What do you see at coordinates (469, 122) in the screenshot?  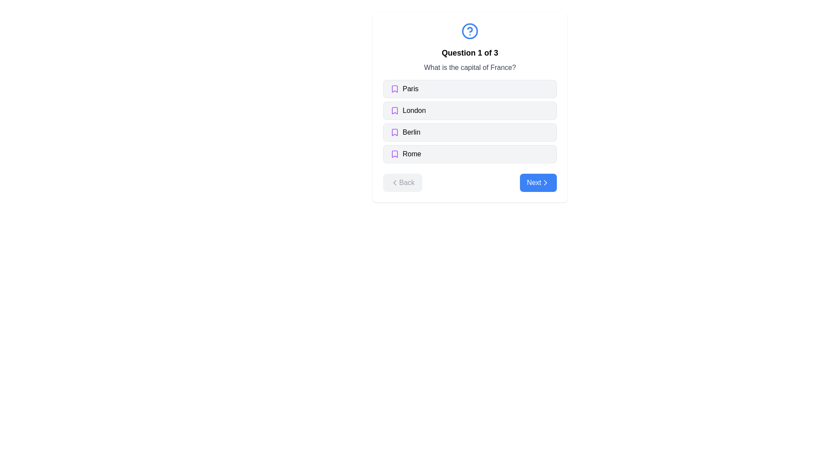 I see `the interactive button from the list of answer choices, which includes options labeled 'Paris', 'London', 'Berlin', and 'Rome', located at the center of the application interface` at bounding box center [469, 122].